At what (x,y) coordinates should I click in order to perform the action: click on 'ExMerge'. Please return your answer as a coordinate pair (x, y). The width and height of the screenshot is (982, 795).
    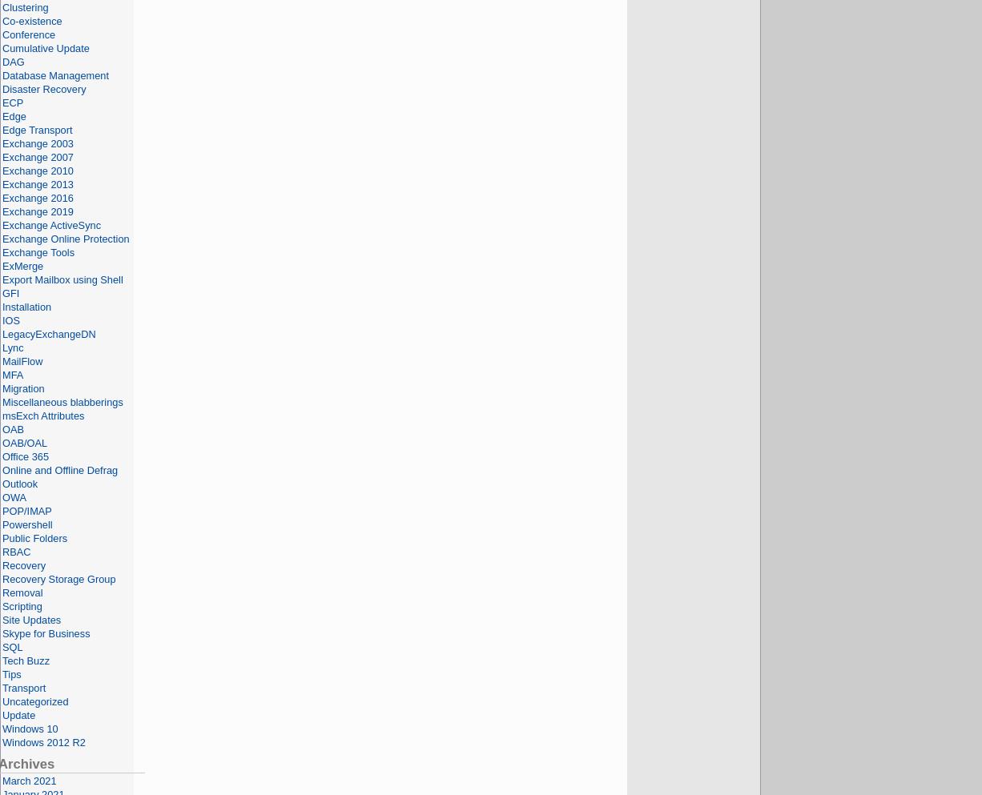
    Looking at the image, I should click on (2, 265).